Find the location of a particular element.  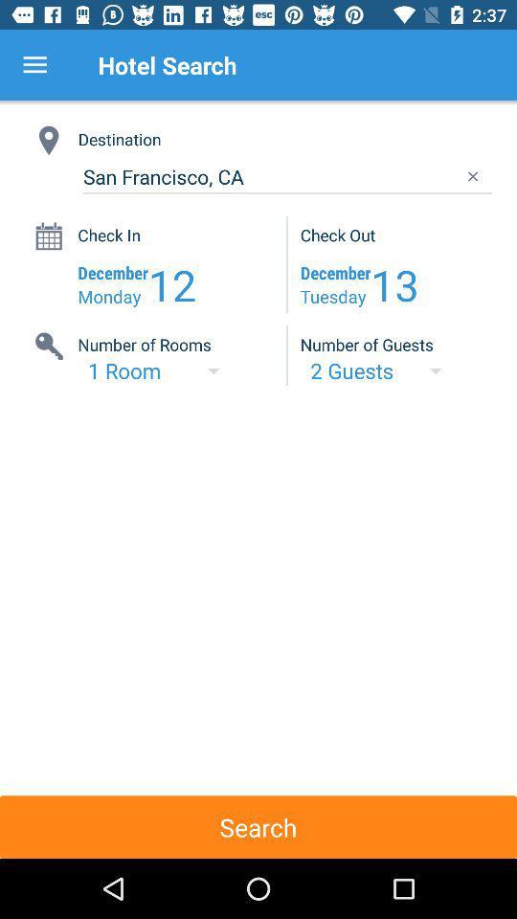

san francisco, ca icon is located at coordinates (286, 177).